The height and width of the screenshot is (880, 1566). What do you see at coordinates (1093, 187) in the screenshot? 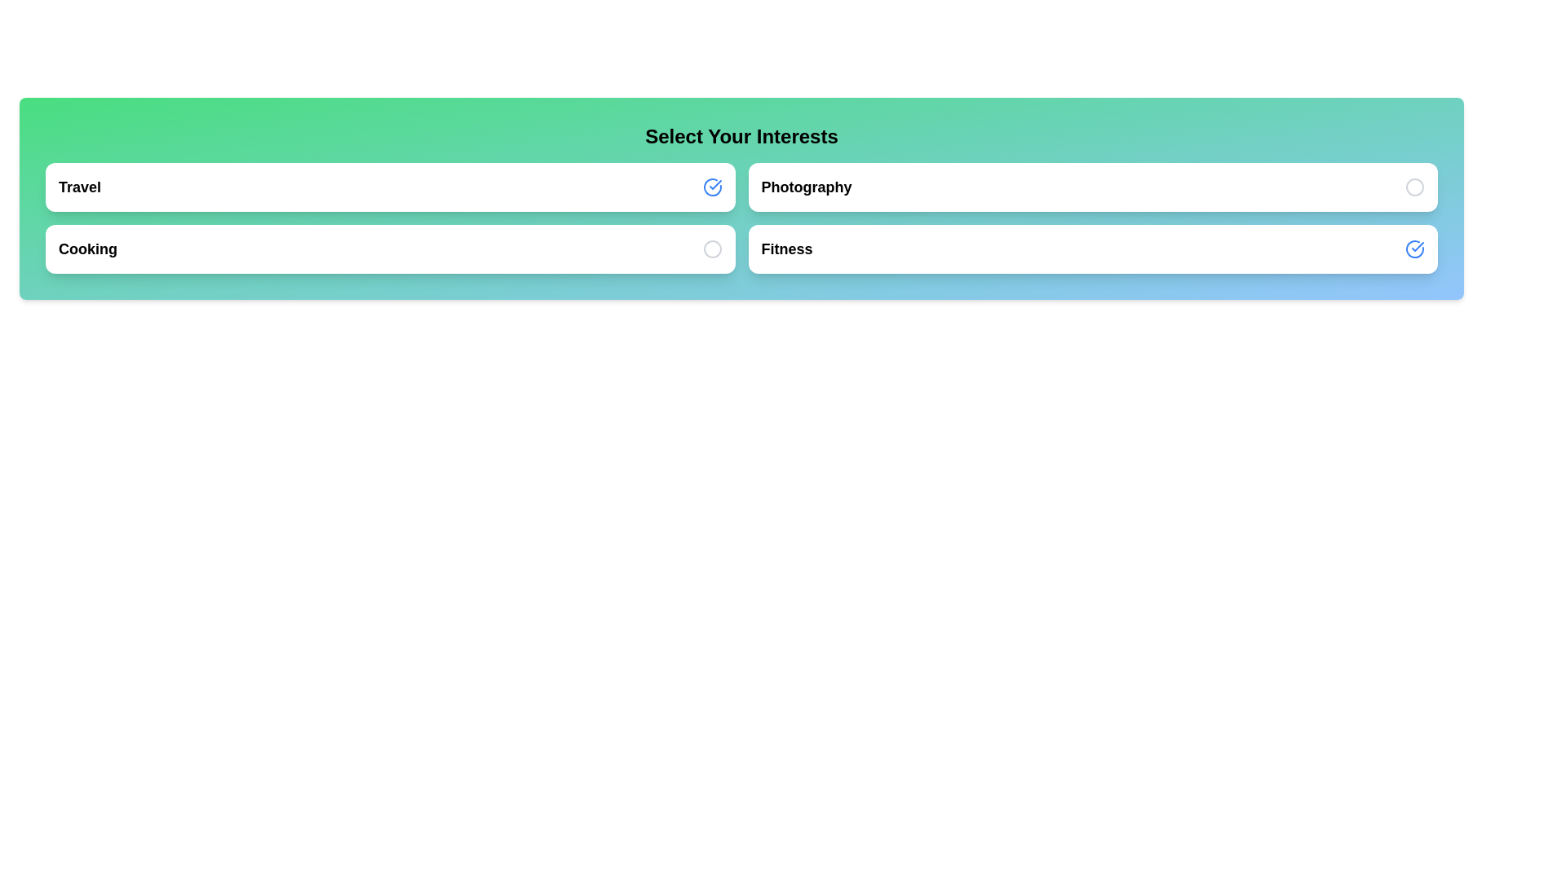
I see `the interest item labeled 'Photography' to toggle its selection state` at bounding box center [1093, 187].